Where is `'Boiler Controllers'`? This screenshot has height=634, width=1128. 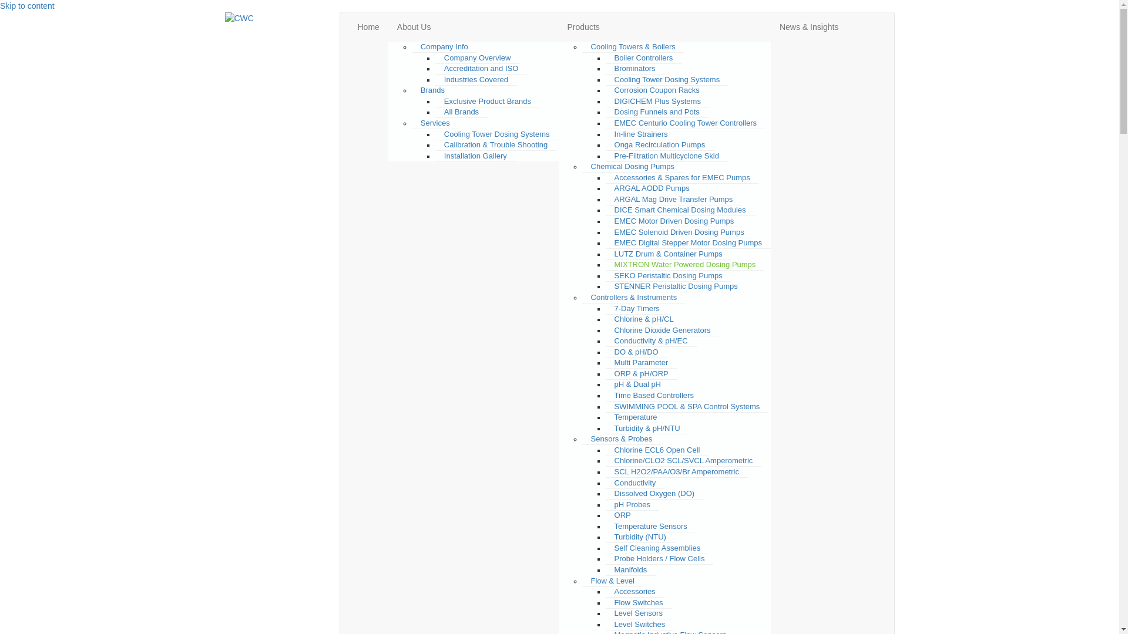
'Boiler Controllers' is located at coordinates (643, 58).